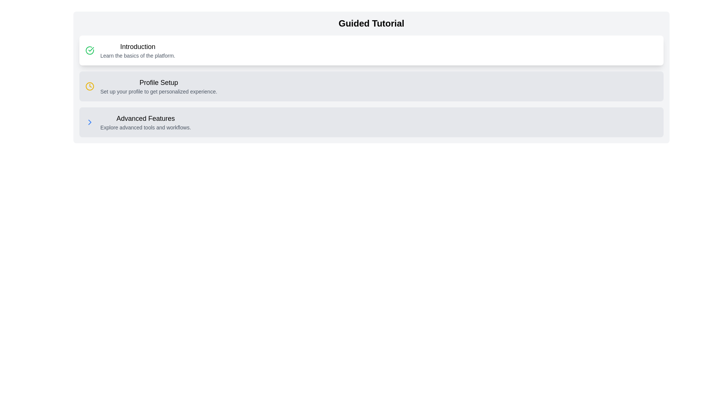 The height and width of the screenshot is (404, 719). What do you see at coordinates (90, 50) in the screenshot?
I see `the green circular icon with a white checkmark inside it, indicating a completed or verified status, located on the left side of the 'Introduction' section` at bounding box center [90, 50].